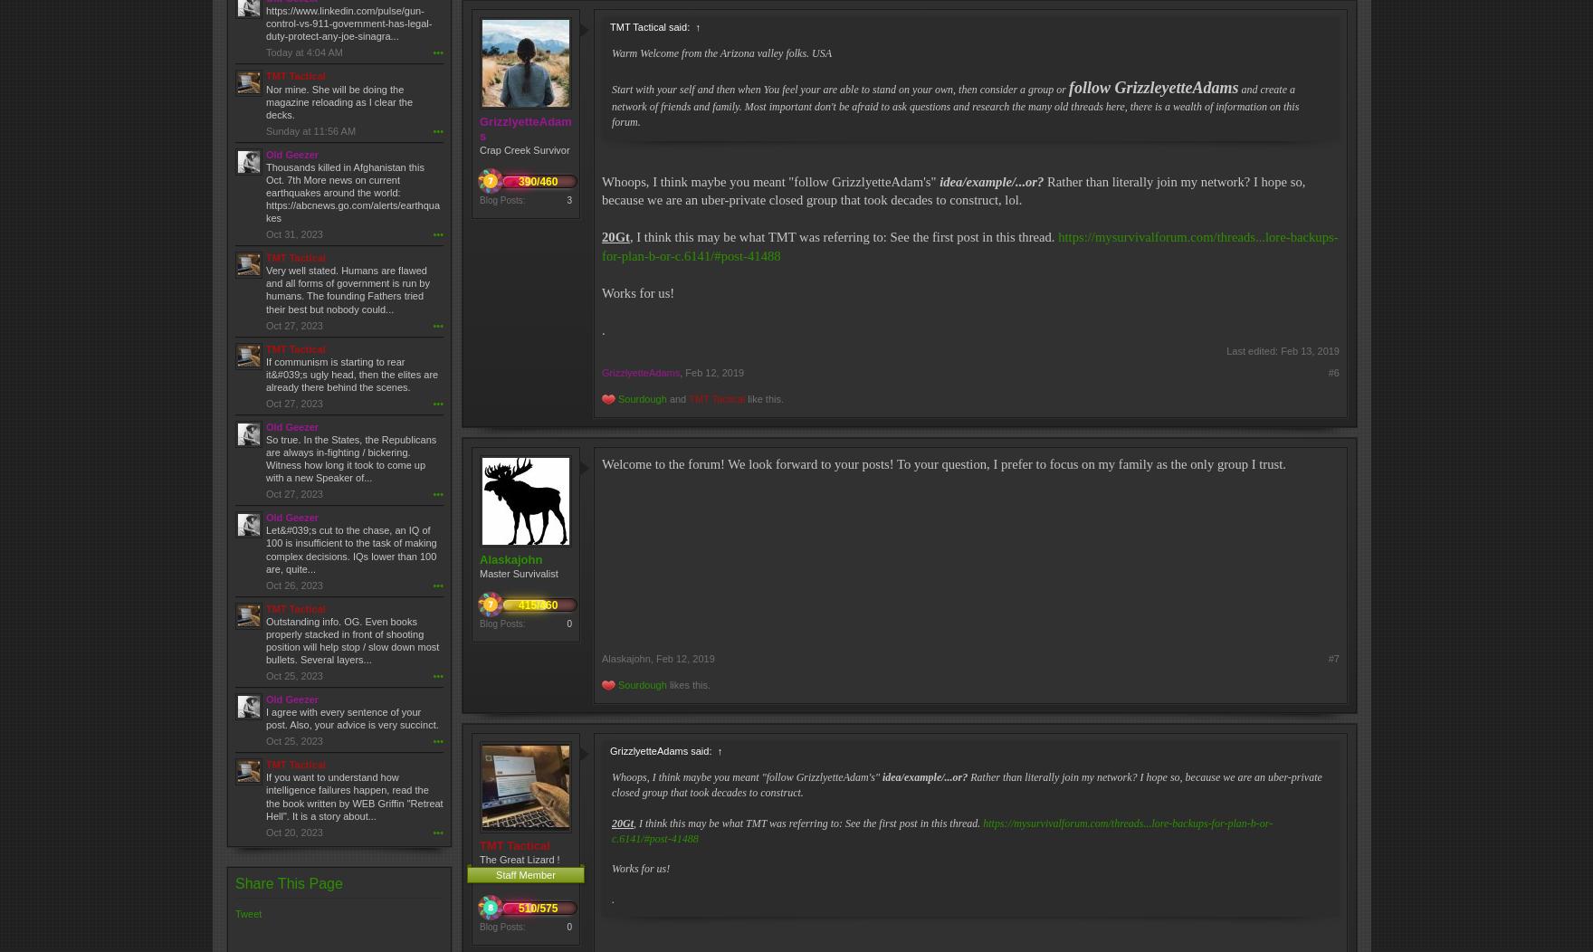  Describe the element at coordinates (519, 572) in the screenshot. I see `'Master Survivalist'` at that location.